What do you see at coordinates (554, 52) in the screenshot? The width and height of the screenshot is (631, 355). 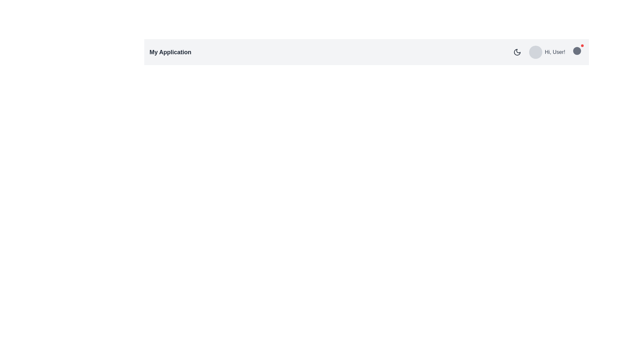 I see `displayed message 'Hi, User!' which is prominently shown in the top-right of the navigation bar, adjacent to a circular avatar` at bounding box center [554, 52].